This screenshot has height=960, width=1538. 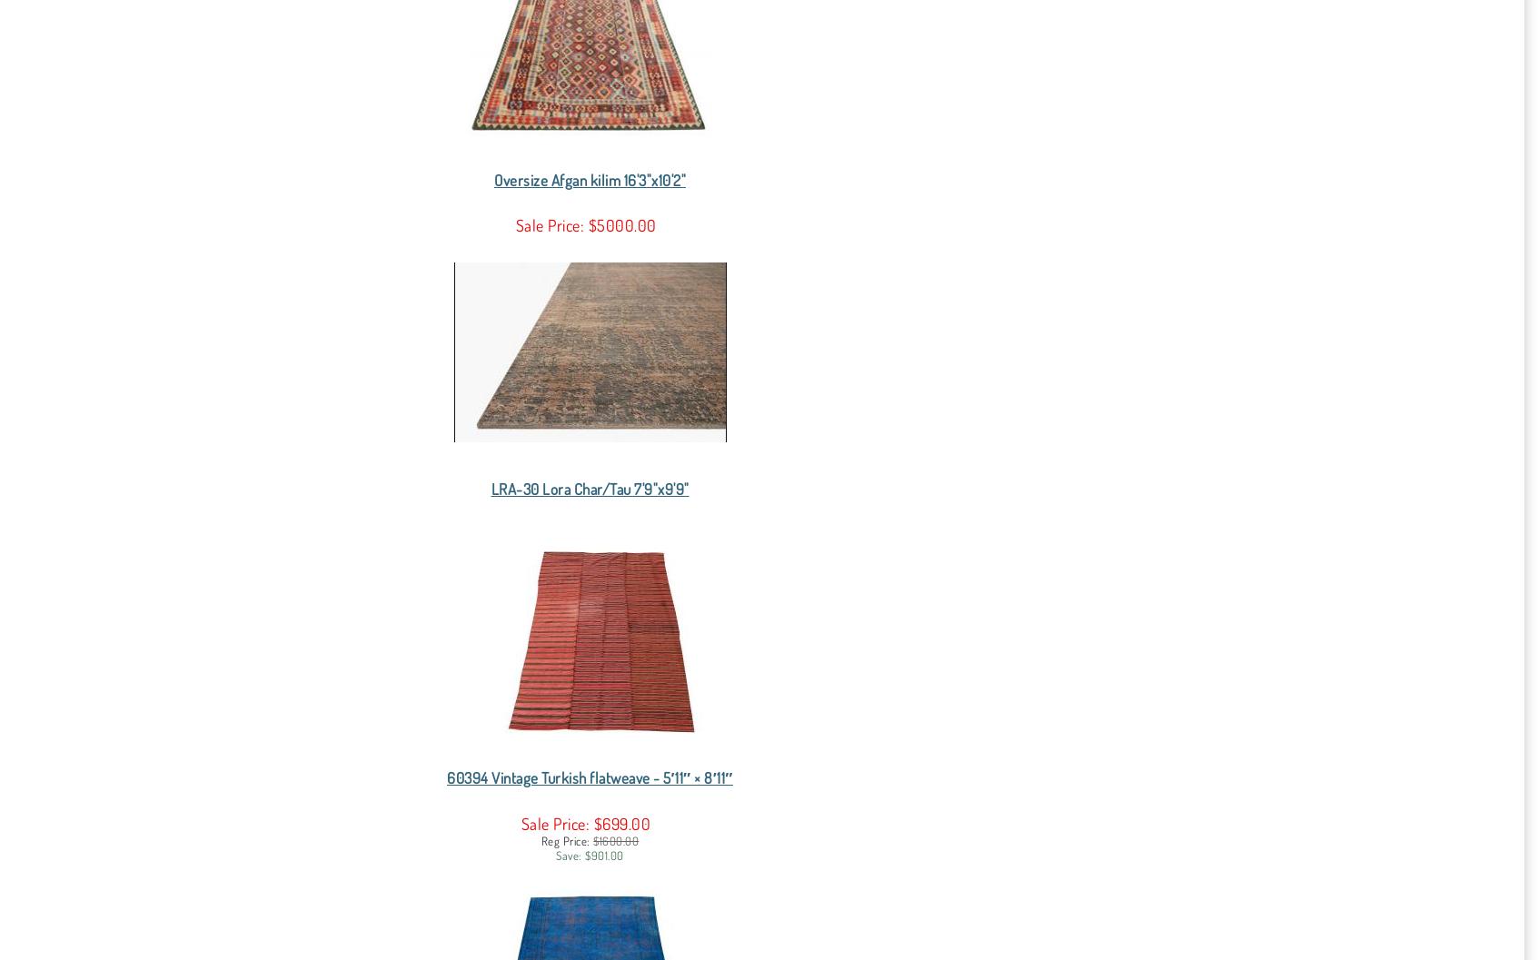 What do you see at coordinates (629, 223) in the screenshot?
I see `'5000.00'` at bounding box center [629, 223].